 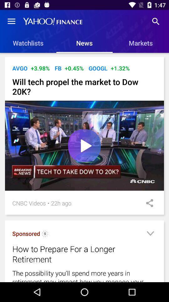 What do you see at coordinates (45, 234) in the screenshot?
I see `find out the sponsor` at bounding box center [45, 234].